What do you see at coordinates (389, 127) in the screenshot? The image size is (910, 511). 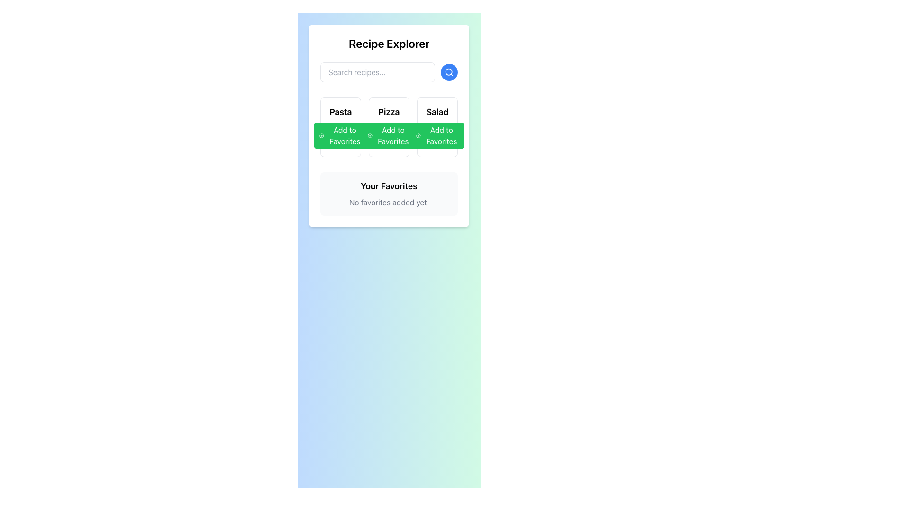 I see `the green 'Add to Favorites' buttons in the grid layout that contains 'Pasta', 'Pizza', and 'Salad' sections` at bounding box center [389, 127].